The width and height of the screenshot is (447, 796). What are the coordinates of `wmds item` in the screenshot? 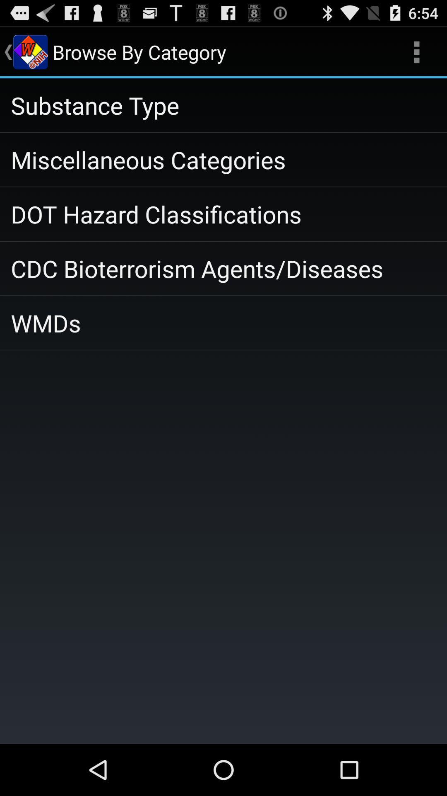 It's located at (223, 322).